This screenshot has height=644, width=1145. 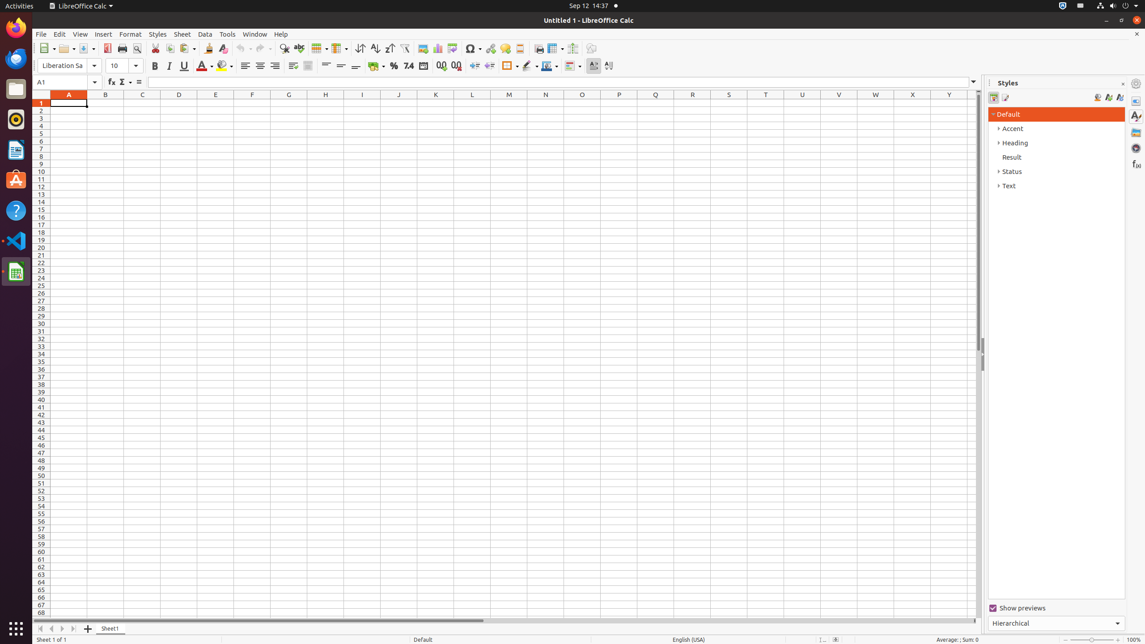 I want to click on 'New Style from Selection', so click(x=1108, y=97).